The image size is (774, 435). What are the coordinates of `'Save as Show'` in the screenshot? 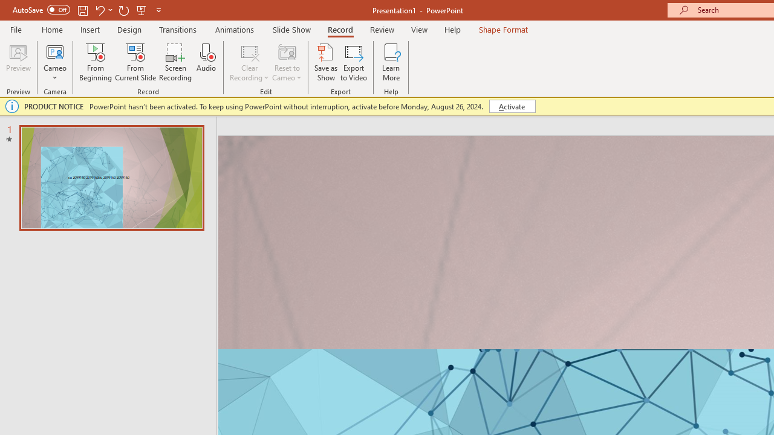 It's located at (326, 62).